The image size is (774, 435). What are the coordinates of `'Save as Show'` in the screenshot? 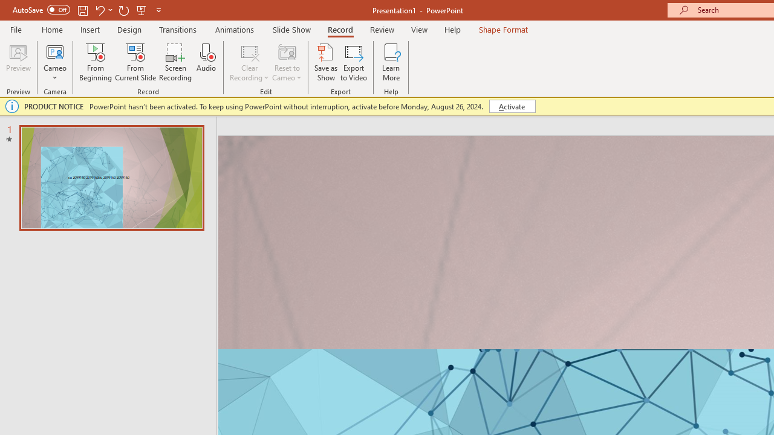 It's located at (326, 62).